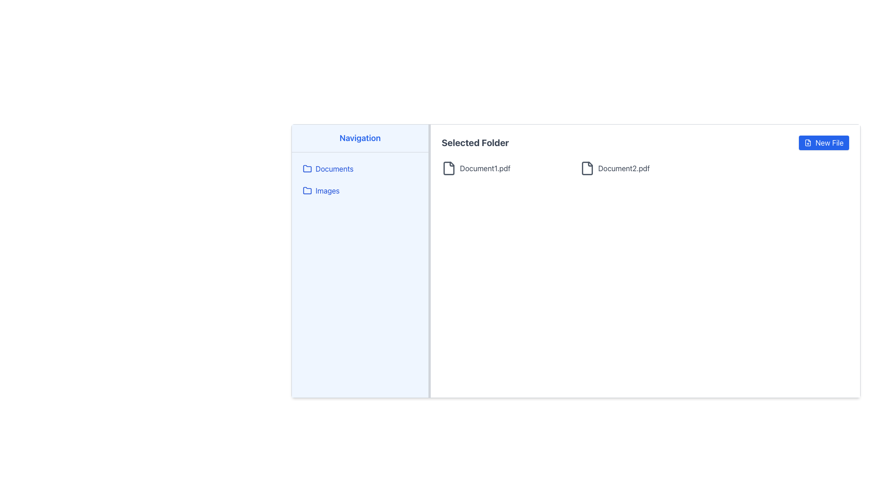 The image size is (877, 493). Describe the element at coordinates (307, 189) in the screenshot. I see `the 'Images' folder icon button located in the navigation sidebar, which is the second icon under the 'Navigation' section` at that location.